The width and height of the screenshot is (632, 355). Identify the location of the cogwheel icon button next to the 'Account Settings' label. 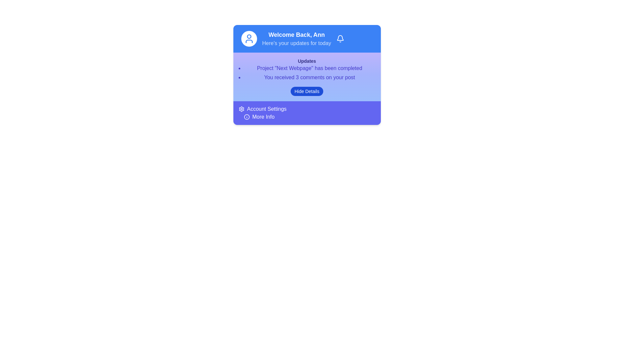
(241, 108).